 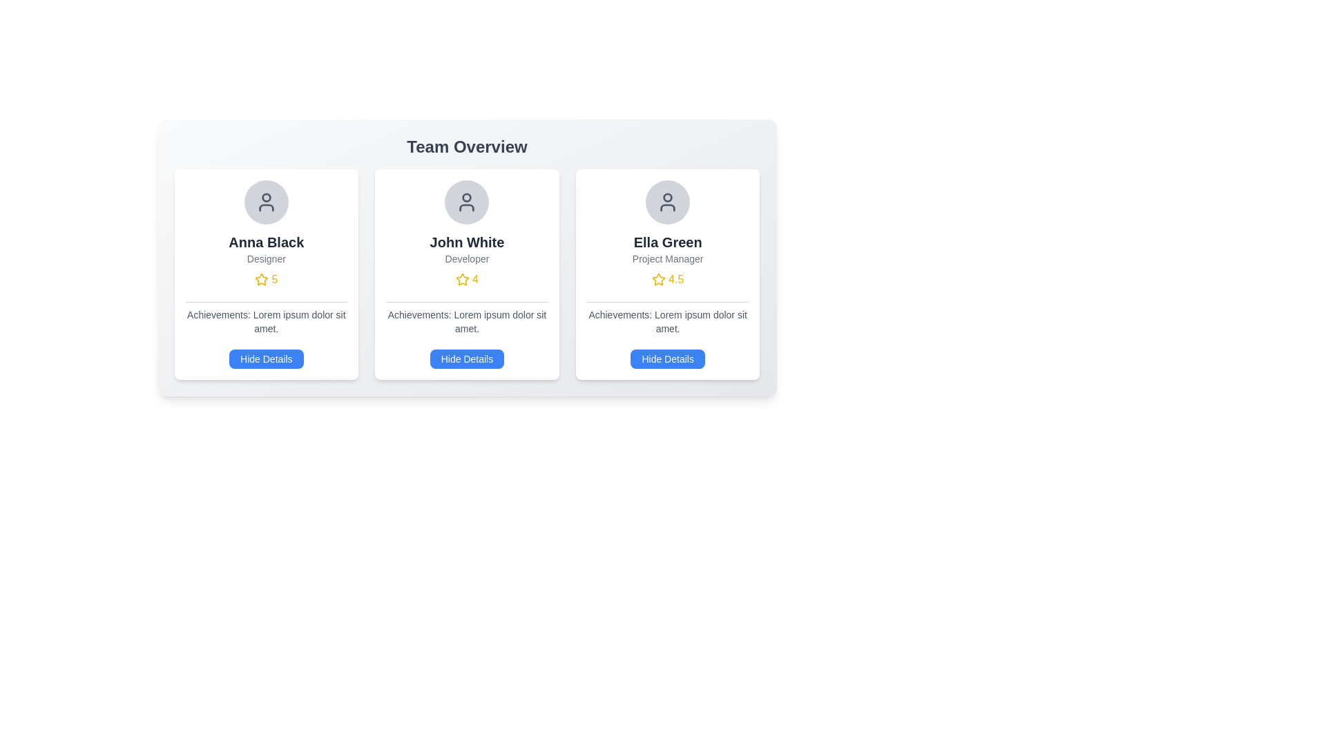 I want to click on the blue button labeled 'Hide Details' at the bottom of the card for Anna Black, so click(x=266, y=358).